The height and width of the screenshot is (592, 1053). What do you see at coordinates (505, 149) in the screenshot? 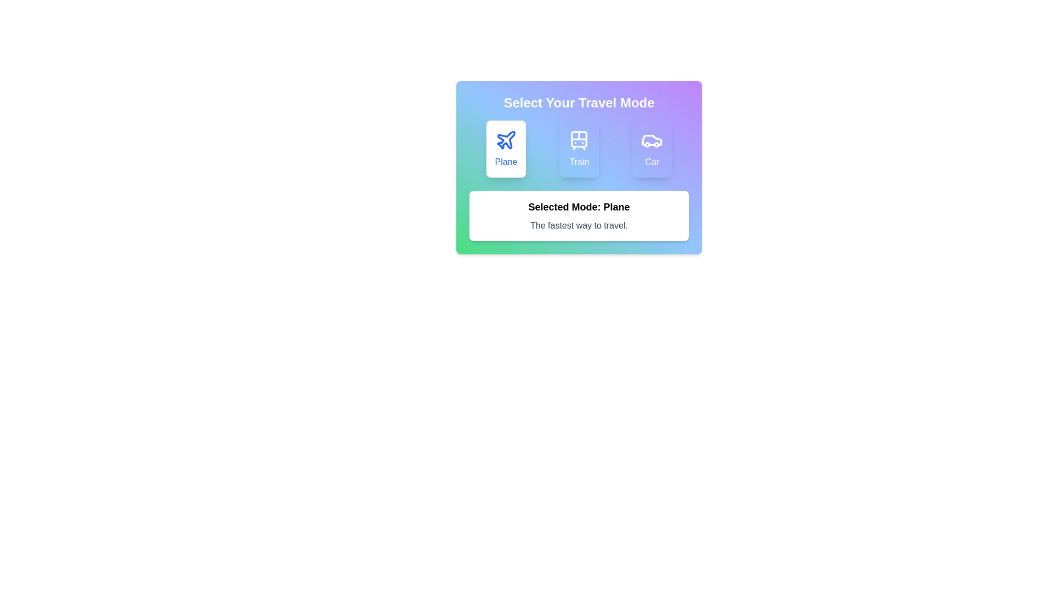
I see `the mode button corresponding to Plane` at bounding box center [505, 149].